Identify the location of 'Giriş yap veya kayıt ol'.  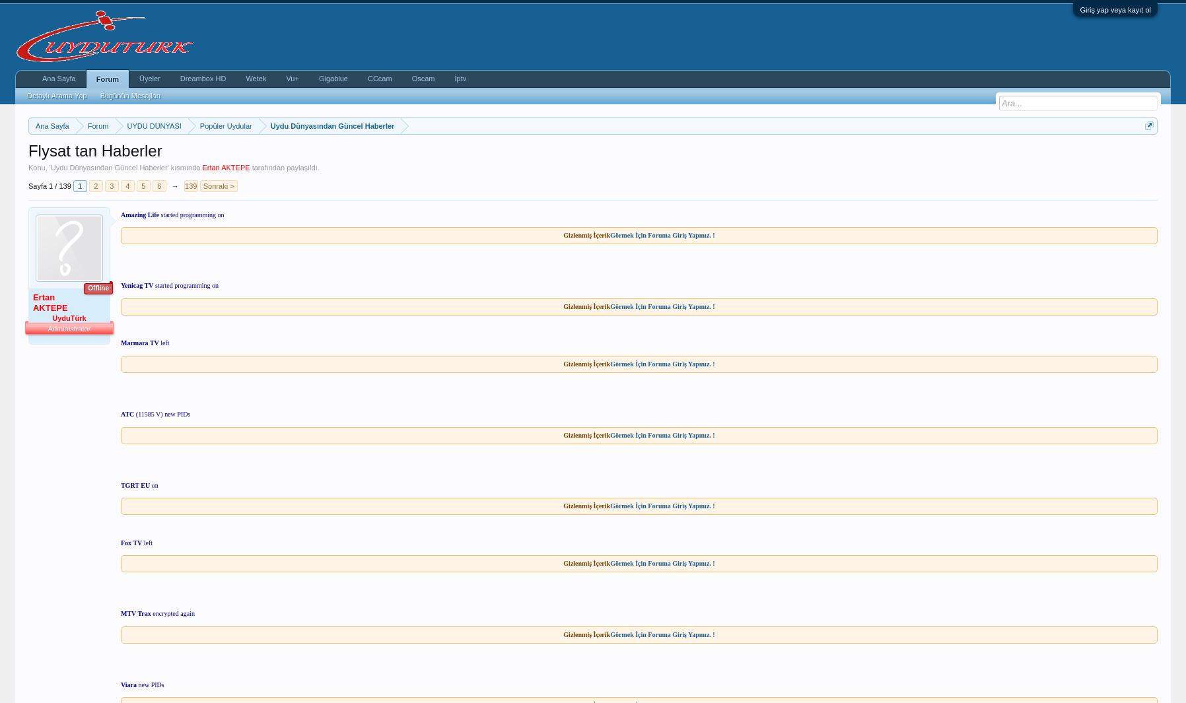
(1115, 9).